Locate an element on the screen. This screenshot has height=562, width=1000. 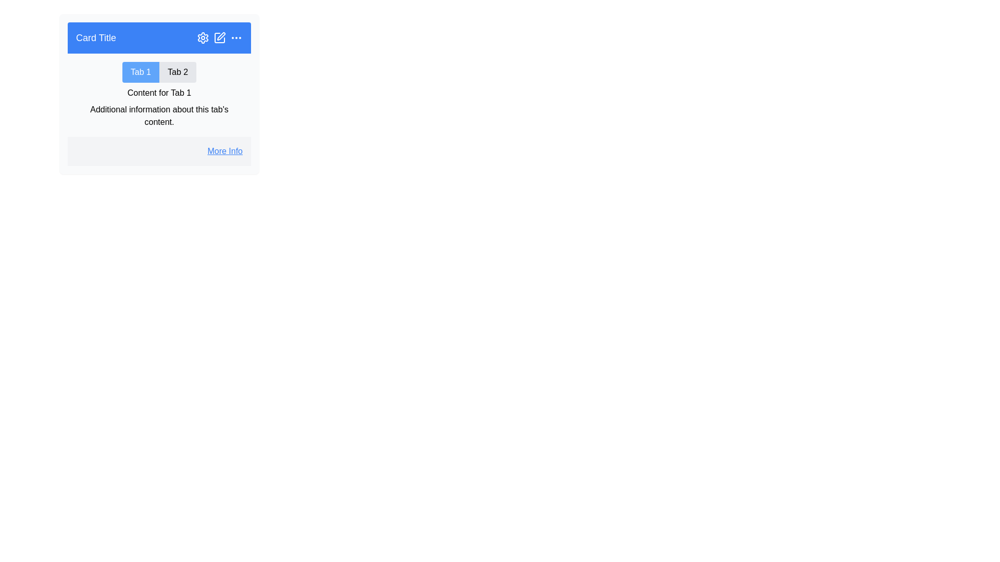
the edit icon located in the top-right corner of the 'Card Title' header is located at coordinates (219, 37).